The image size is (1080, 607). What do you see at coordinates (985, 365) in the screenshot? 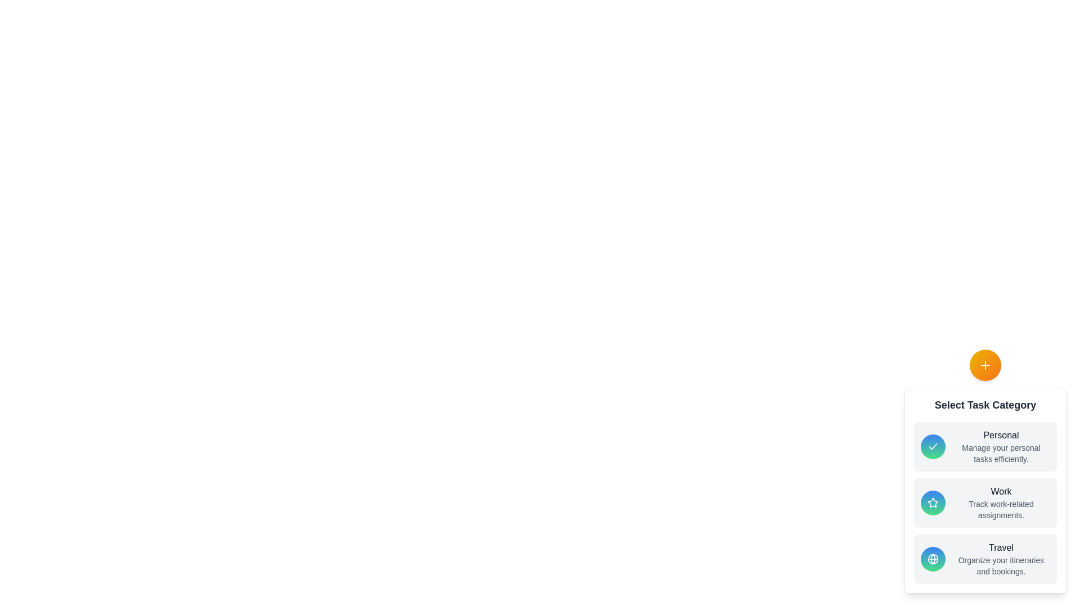
I see `the orange plus button to toggle the menu` at bounding box center [985, 365].